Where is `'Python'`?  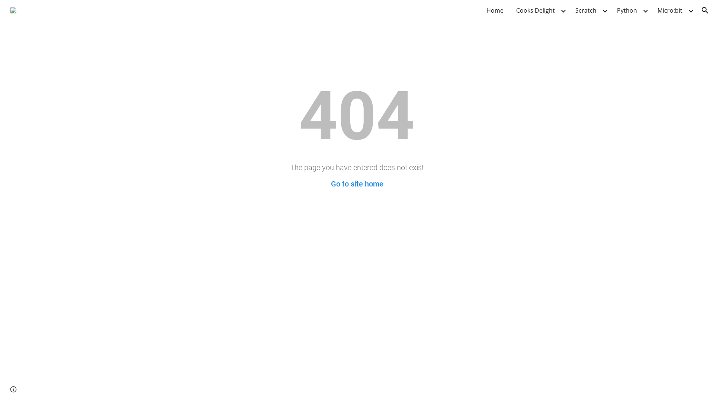
'Python' is located at coordinates (626, 10).